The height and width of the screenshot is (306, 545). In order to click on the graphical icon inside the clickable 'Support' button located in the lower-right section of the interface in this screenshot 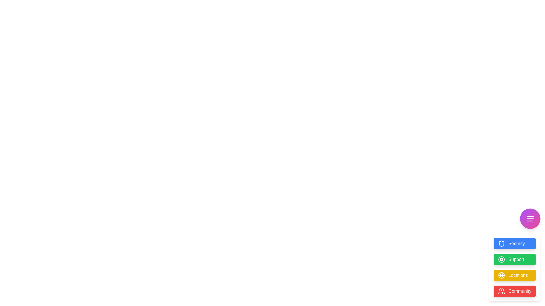, I will do `click(502, 259)`.